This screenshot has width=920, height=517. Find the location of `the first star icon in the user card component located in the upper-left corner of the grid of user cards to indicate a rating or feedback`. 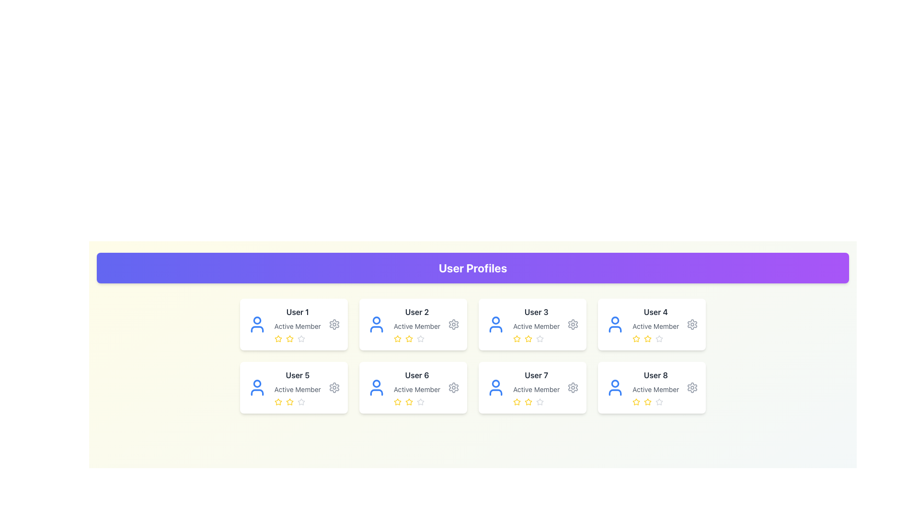

the first star icon in the user card component located in the upper-left corner of the grid of user cards to indicate a rating or feedback is located at coordinates (277, 338).